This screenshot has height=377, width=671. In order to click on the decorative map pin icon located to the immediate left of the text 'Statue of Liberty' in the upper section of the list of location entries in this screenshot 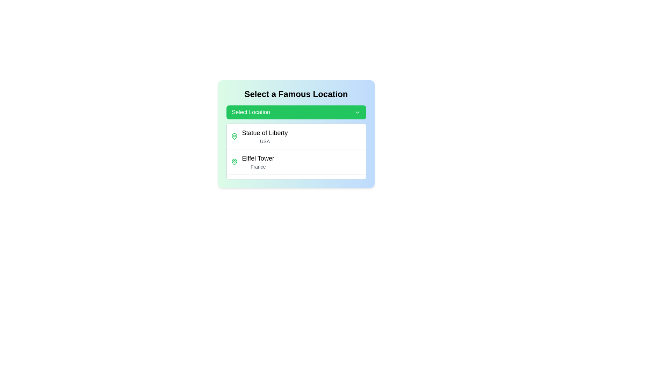, I will do `click(234, 136)`.